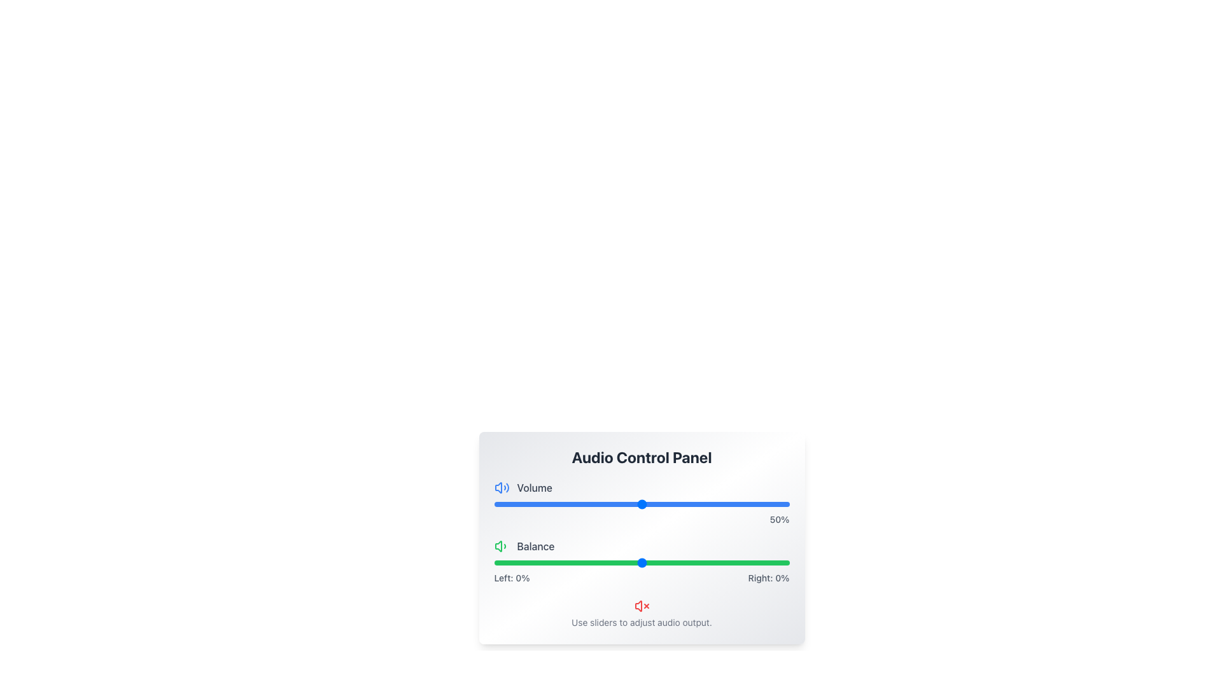 Image resolution: width=1222 pixels, height=687 pixels. Describe the element at coordinates (673, 562) in the screenshot. I see `the balance` at that location.